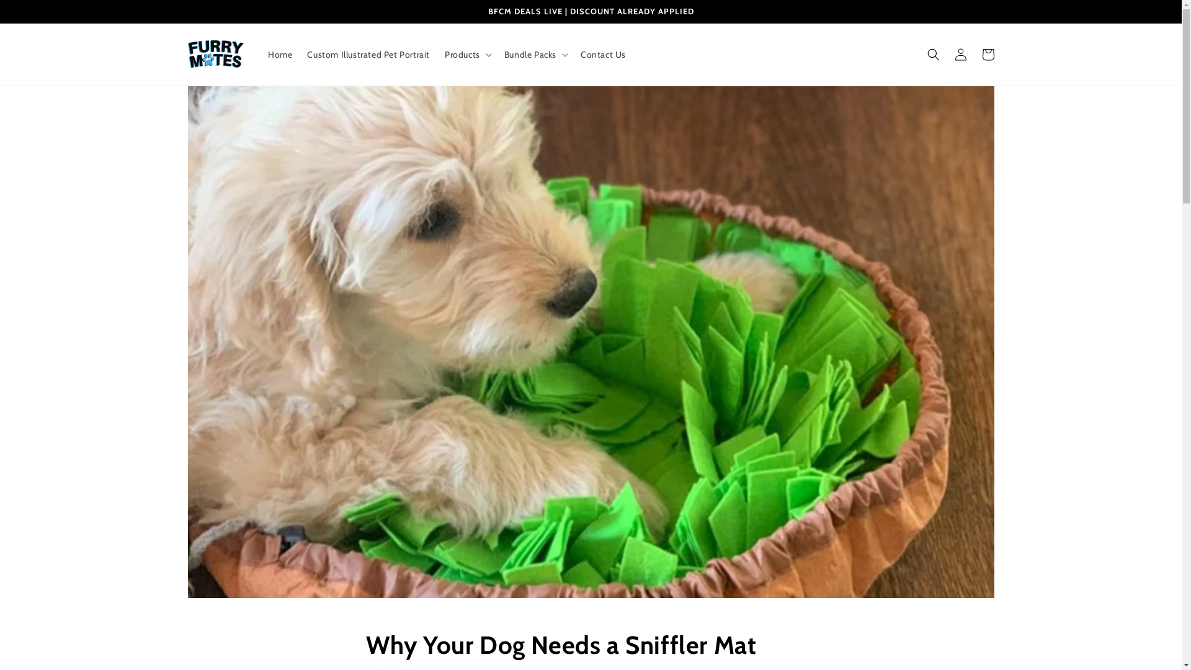 This screenshot has height=670, width=1191. Describe the element at coordinates (960, 54) in the screenshot. I see `'Log in'` at that location.